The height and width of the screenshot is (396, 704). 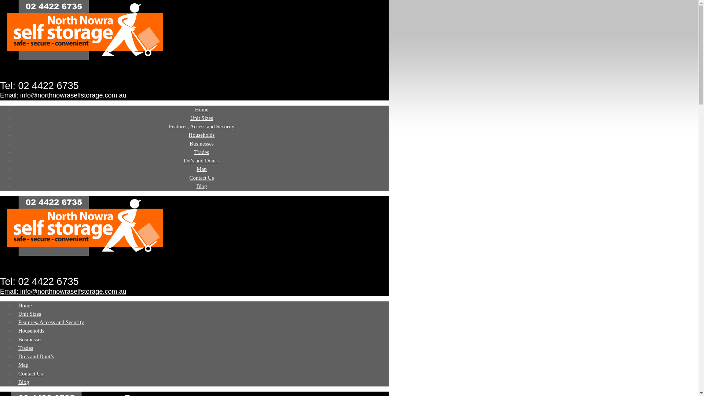 What do you see at coordinates (186, 117) in the screenshot?
I see `'Unit Sizes'` at bounding box center [186, 117].